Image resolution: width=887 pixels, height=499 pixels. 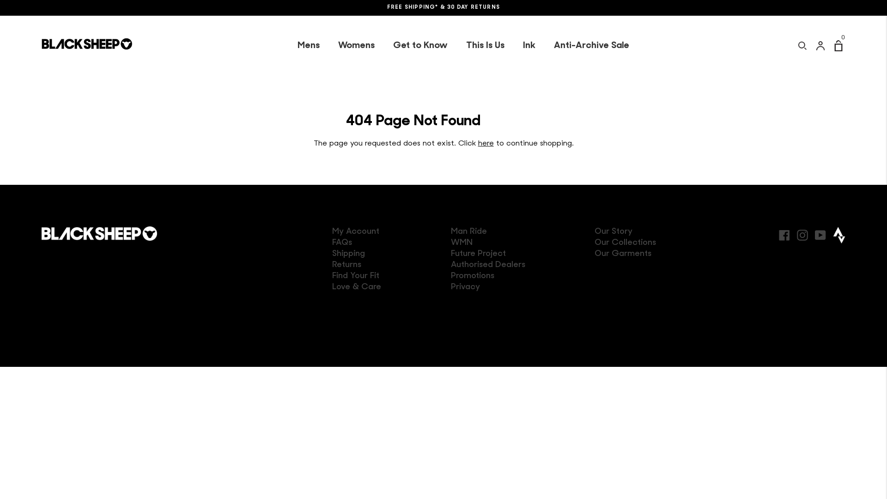 What do you see at coordinates (462, 242) in the screenshot?
I see `'WMN'` at bounding box center [462, 242].